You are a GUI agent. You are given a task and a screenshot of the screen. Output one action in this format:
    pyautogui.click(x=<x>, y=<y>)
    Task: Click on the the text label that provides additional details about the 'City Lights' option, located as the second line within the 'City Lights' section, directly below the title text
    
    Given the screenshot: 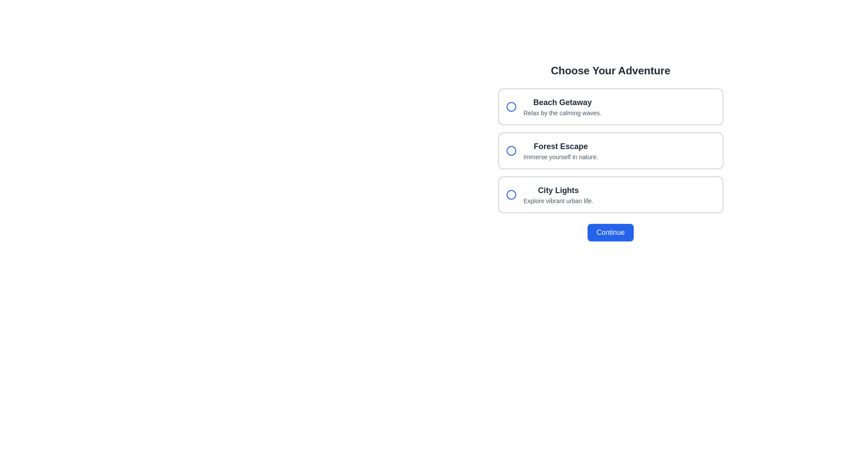 What is the action you would take?
    pyautogui.click(x=558, y=201)
    